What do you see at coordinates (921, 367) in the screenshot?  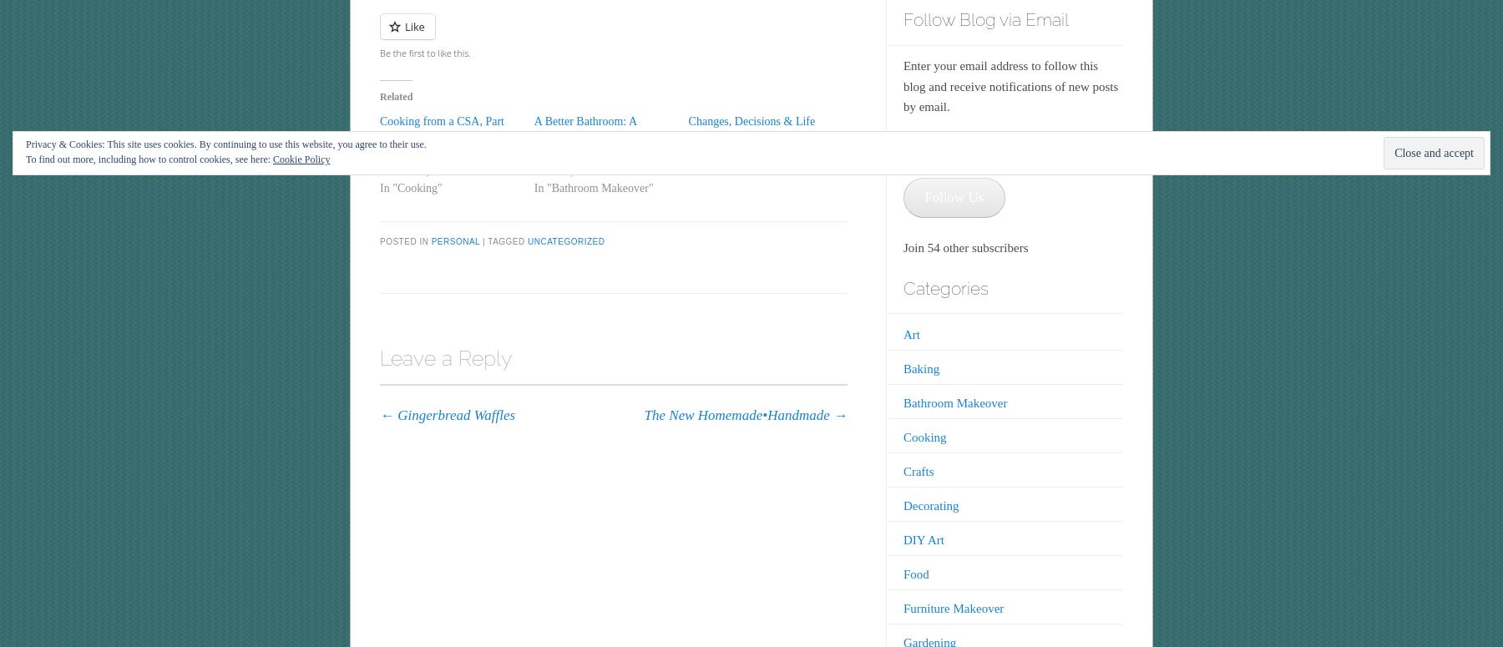 I see `'Baking'` at bounding box center [921, 367].